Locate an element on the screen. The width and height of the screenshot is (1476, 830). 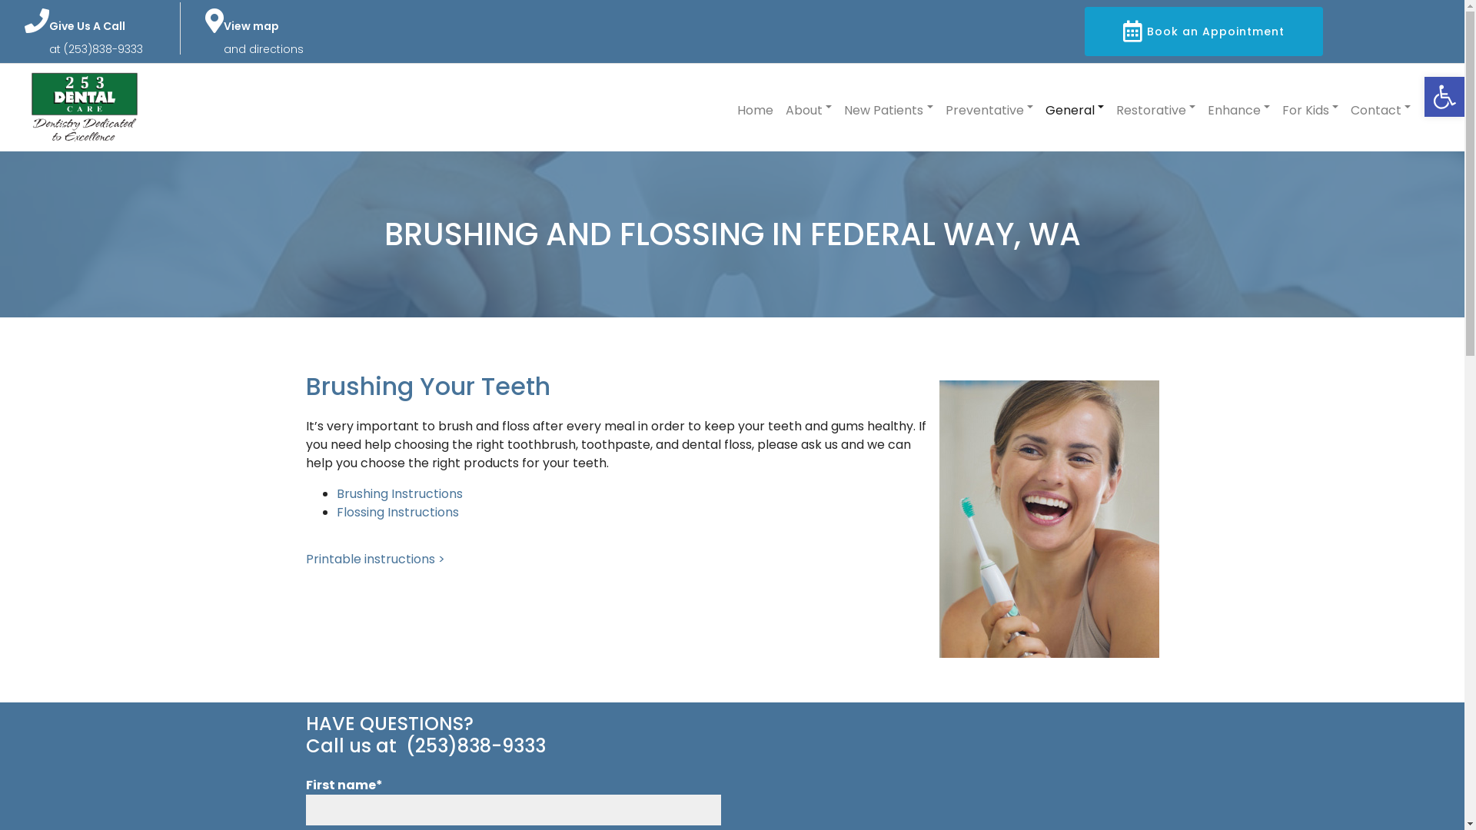
'Open toolbar is located at coordinates (1443, 97).